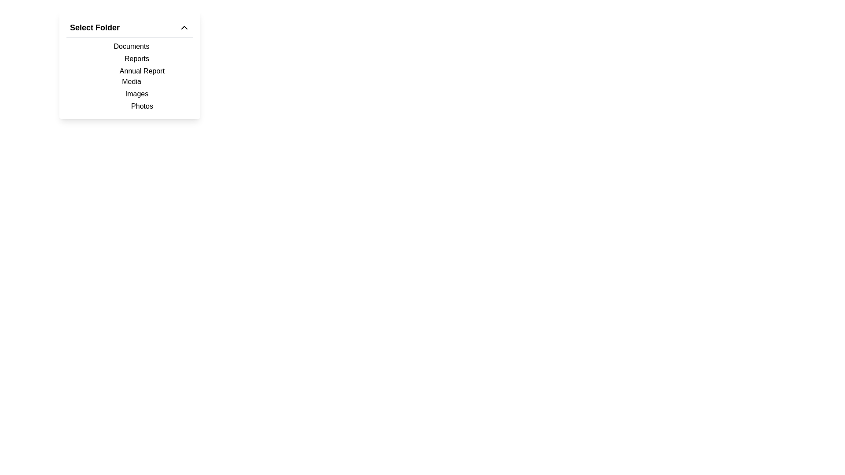  I want to click on the text label 'Photos' located at the bottom of the dropdown list under 'Images', so click(140, 106).